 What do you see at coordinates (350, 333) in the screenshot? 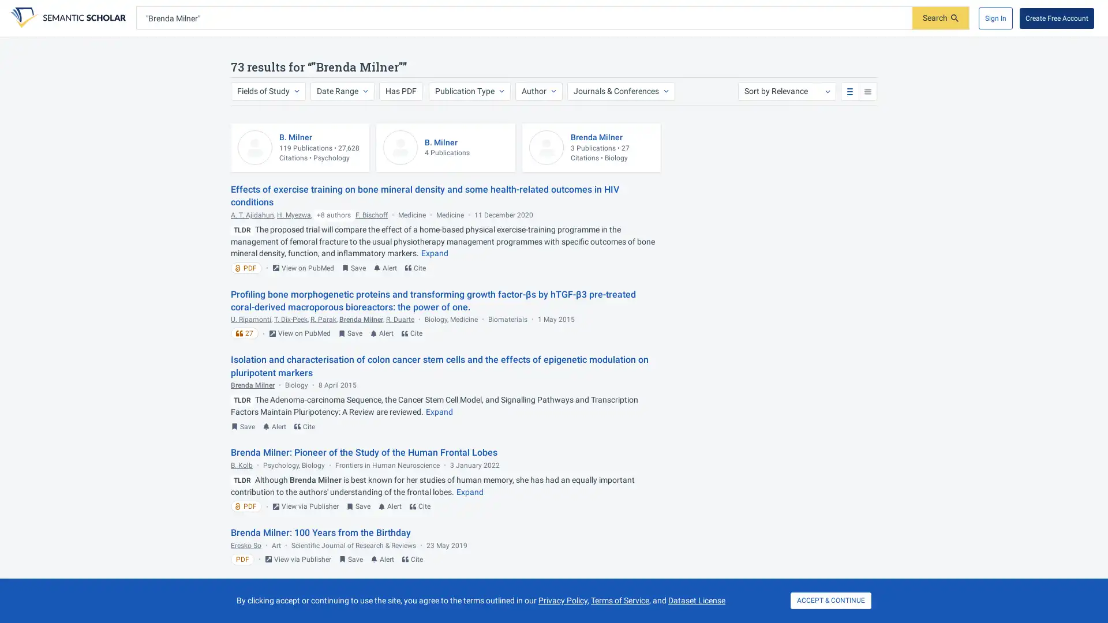
I see `Save to Library` at bounding box center [350, 333].